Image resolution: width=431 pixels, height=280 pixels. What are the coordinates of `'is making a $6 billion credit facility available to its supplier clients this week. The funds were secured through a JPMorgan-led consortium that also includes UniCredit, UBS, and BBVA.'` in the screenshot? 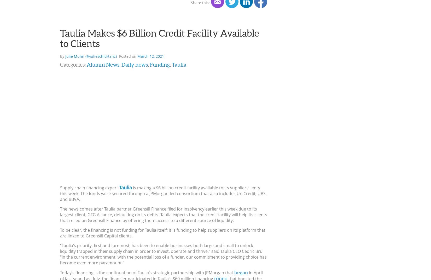 It's located at (163, 193).